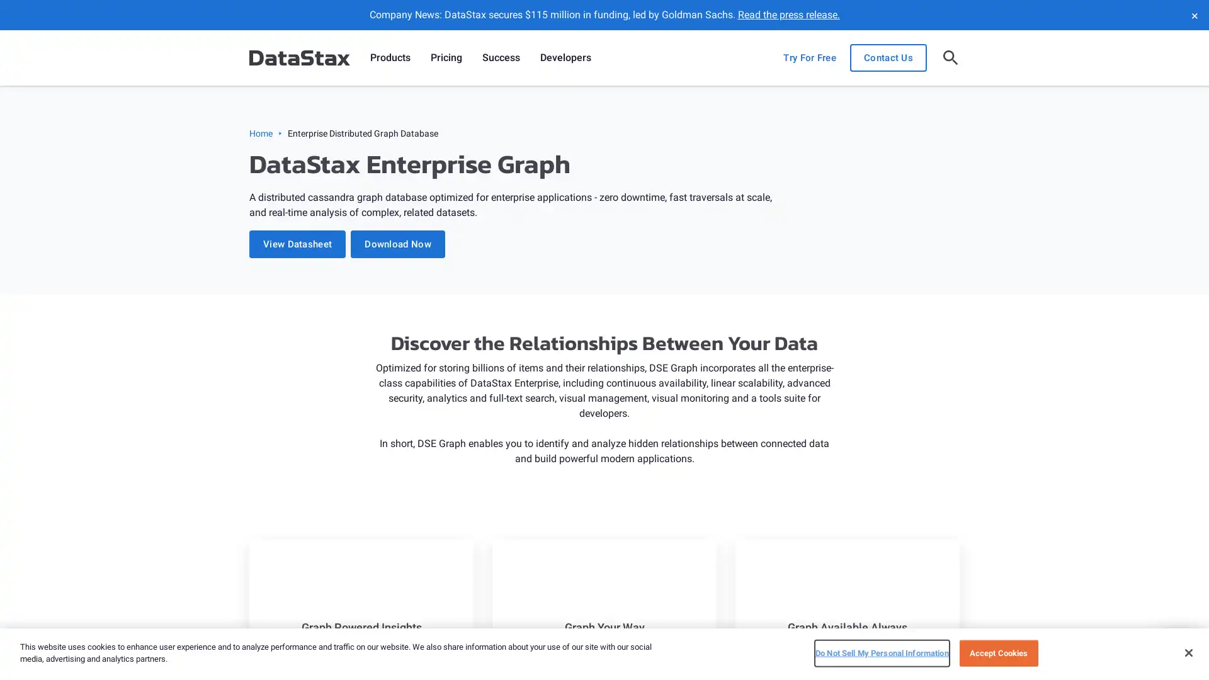 This screenshot has height=680, width=1209. I want to click on Accept Cookies, so click(997, 652).